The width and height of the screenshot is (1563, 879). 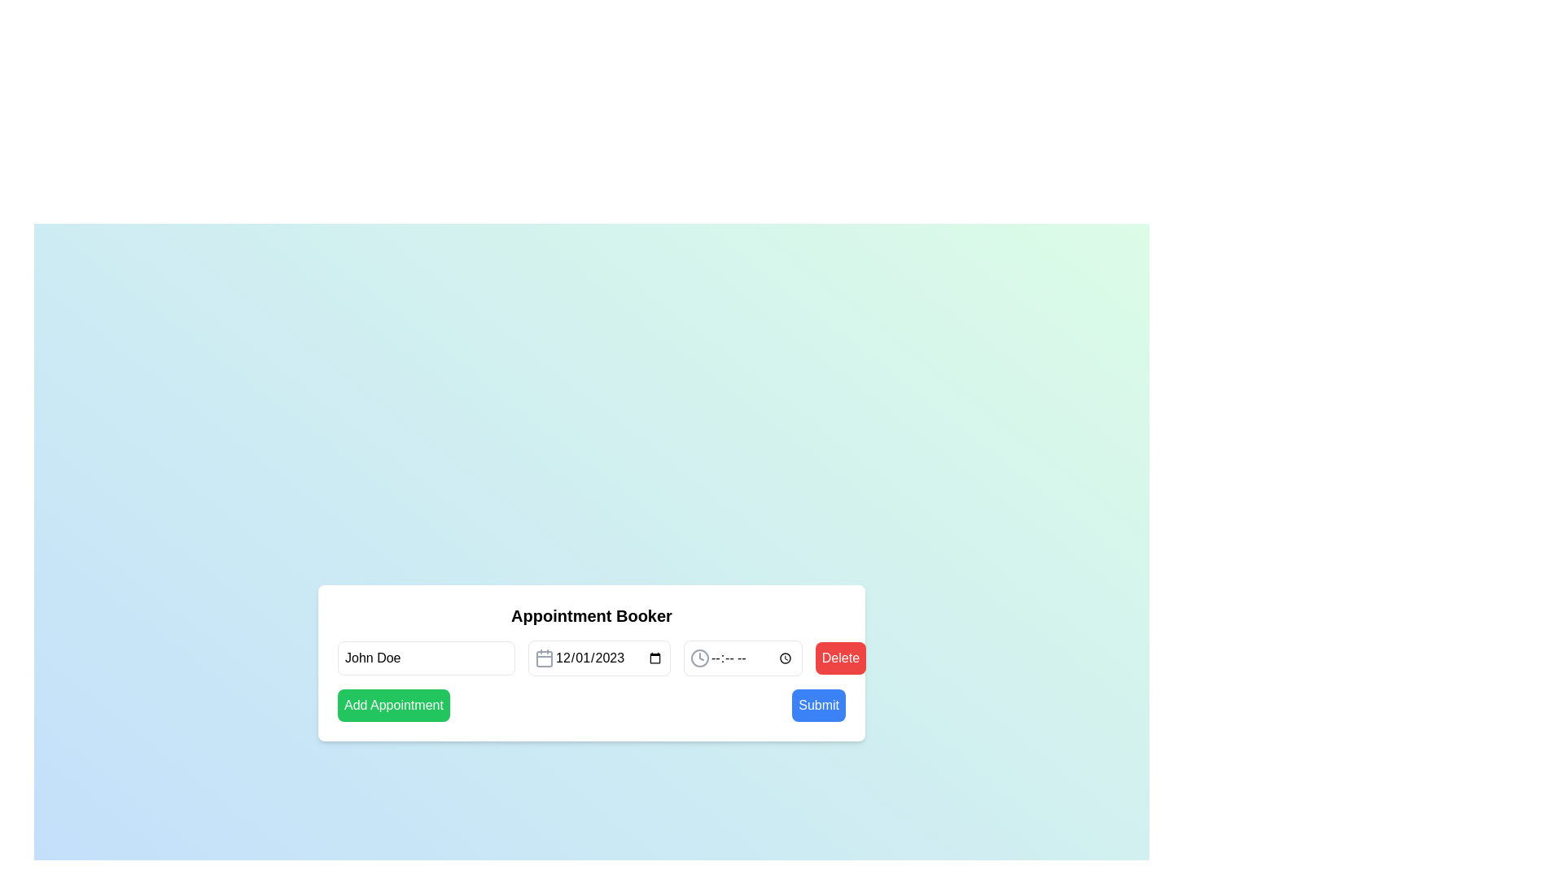 I want to click on the body of the calendar icon, which serves as a graphical representation within the SVG illustration, so click(x=544, y=659).